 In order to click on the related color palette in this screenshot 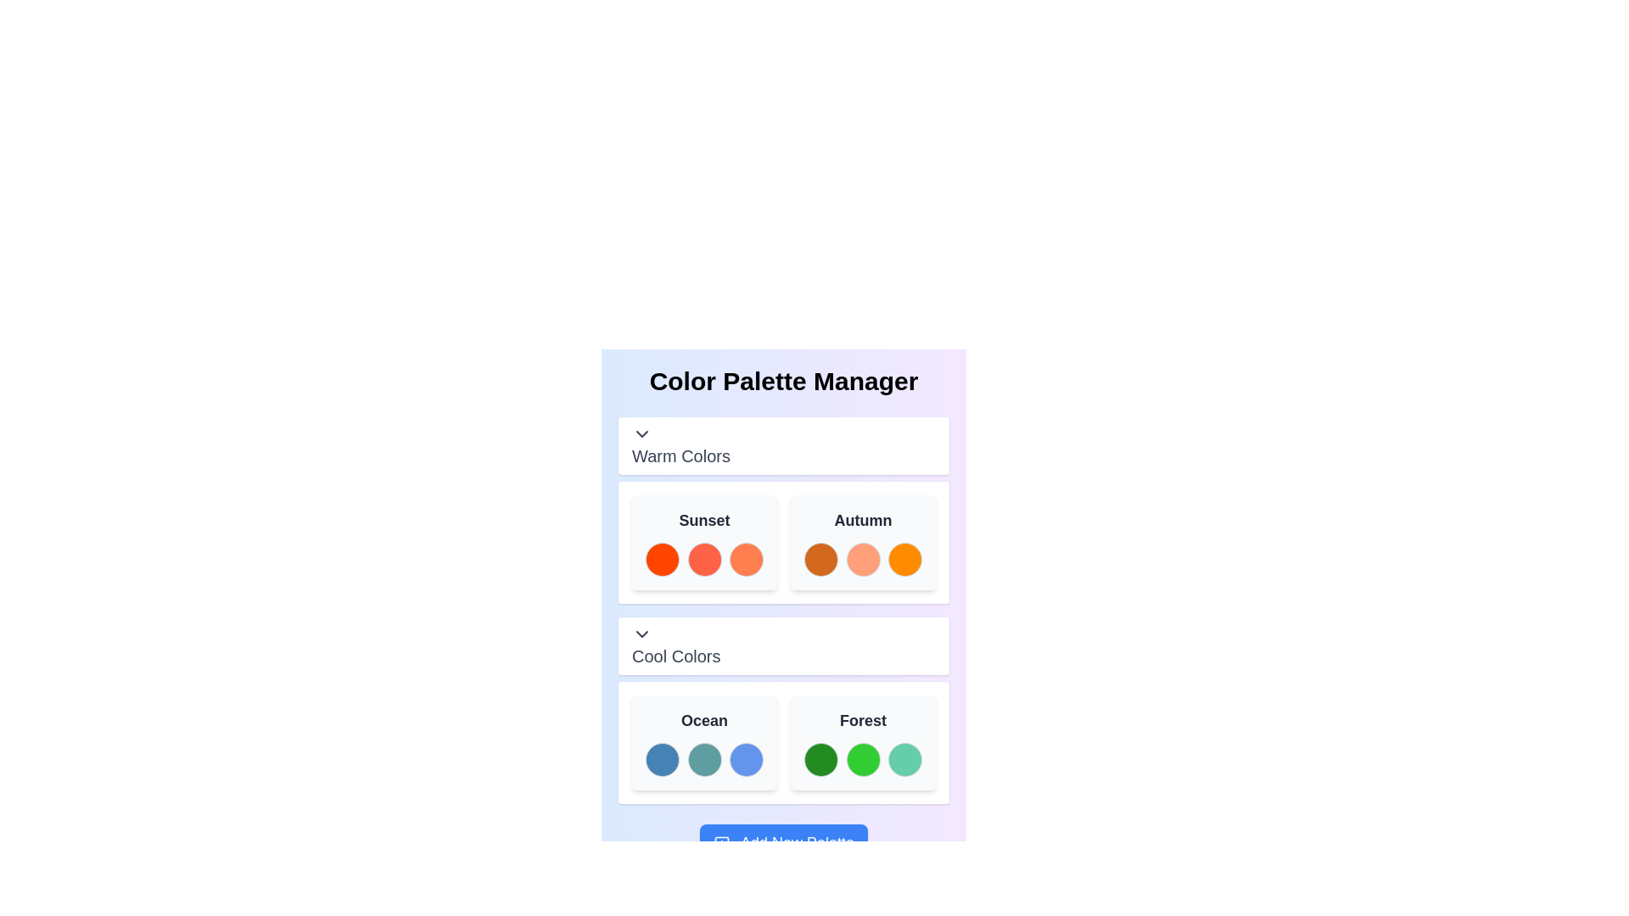, I will do `click(704, 519)`.